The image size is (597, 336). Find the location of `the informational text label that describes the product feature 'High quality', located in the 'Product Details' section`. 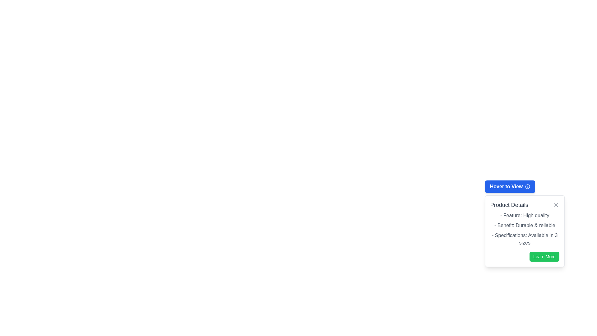

the informational text label that describes the product feature 'High quality', located in the 'Product Details' section is located at coordinates (524, 215).